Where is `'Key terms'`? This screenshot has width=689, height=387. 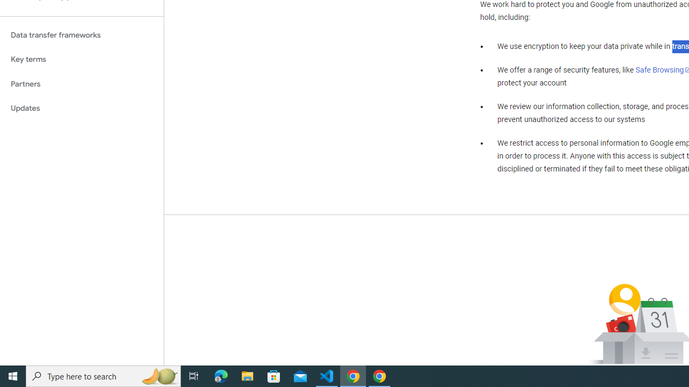 'Key terms' is located at coordinates (81, 59).